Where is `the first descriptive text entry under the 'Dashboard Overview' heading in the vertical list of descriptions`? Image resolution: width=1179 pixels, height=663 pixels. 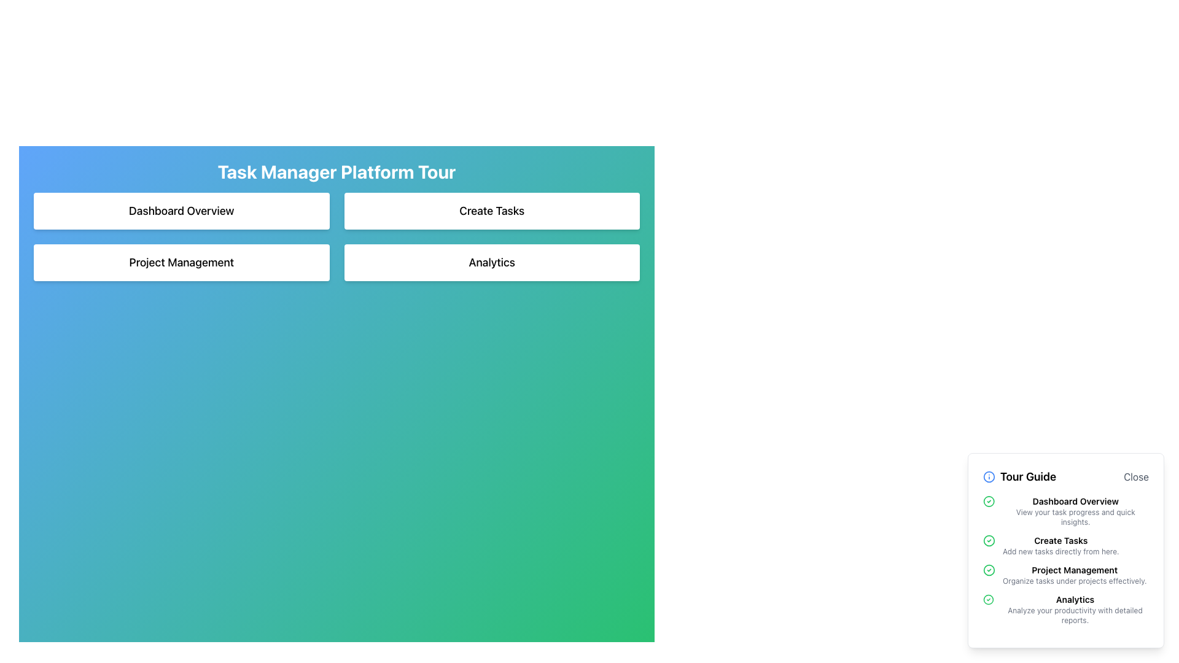 the first descriptive text entry under the 'Dashboard Overview' heading in the vertical list of descriptions is located at coordinates (1075, 518).